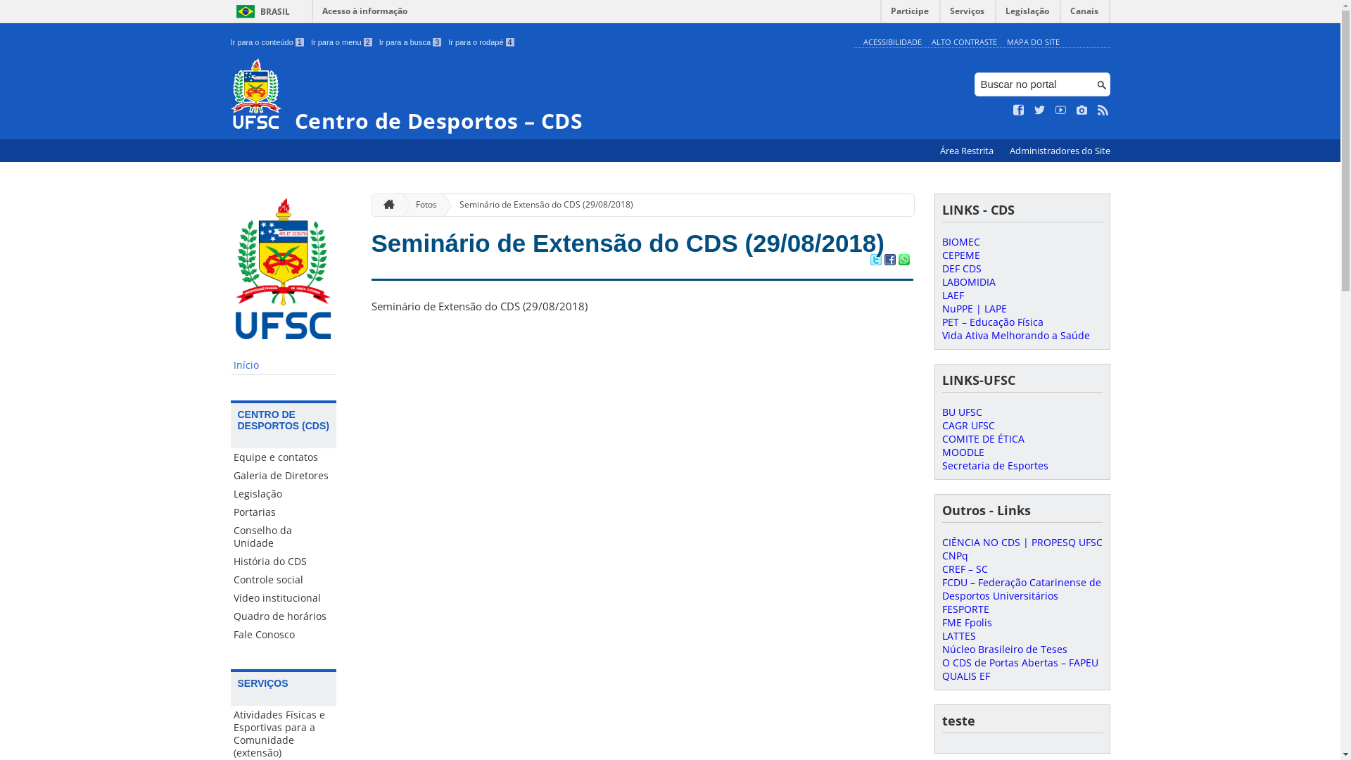 The height and width of the screenshot is (760, 1351). Describe the element at coordinates (891, 41) in the screenshot. I see `'ACESSIBILIDADE'` at that location.